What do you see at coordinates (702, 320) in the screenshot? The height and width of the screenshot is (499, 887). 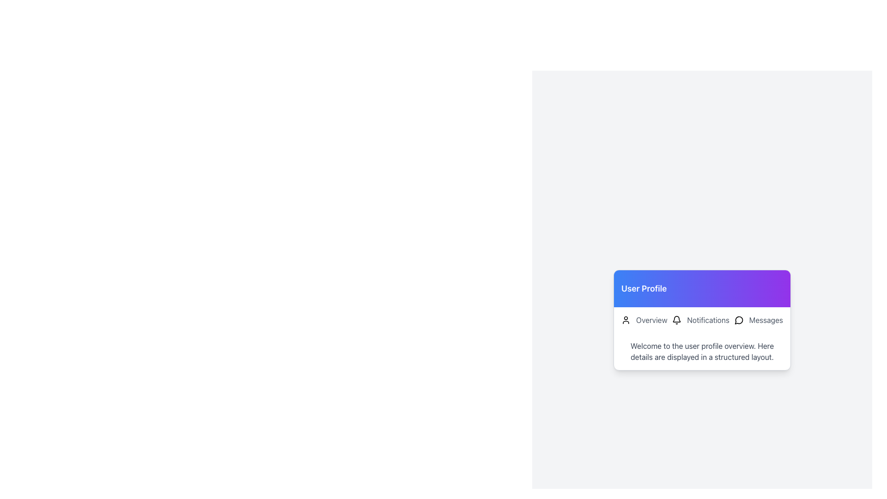 I see `the icons or labels in the Horizontal navigation bar` at bounding box center [702, 320].